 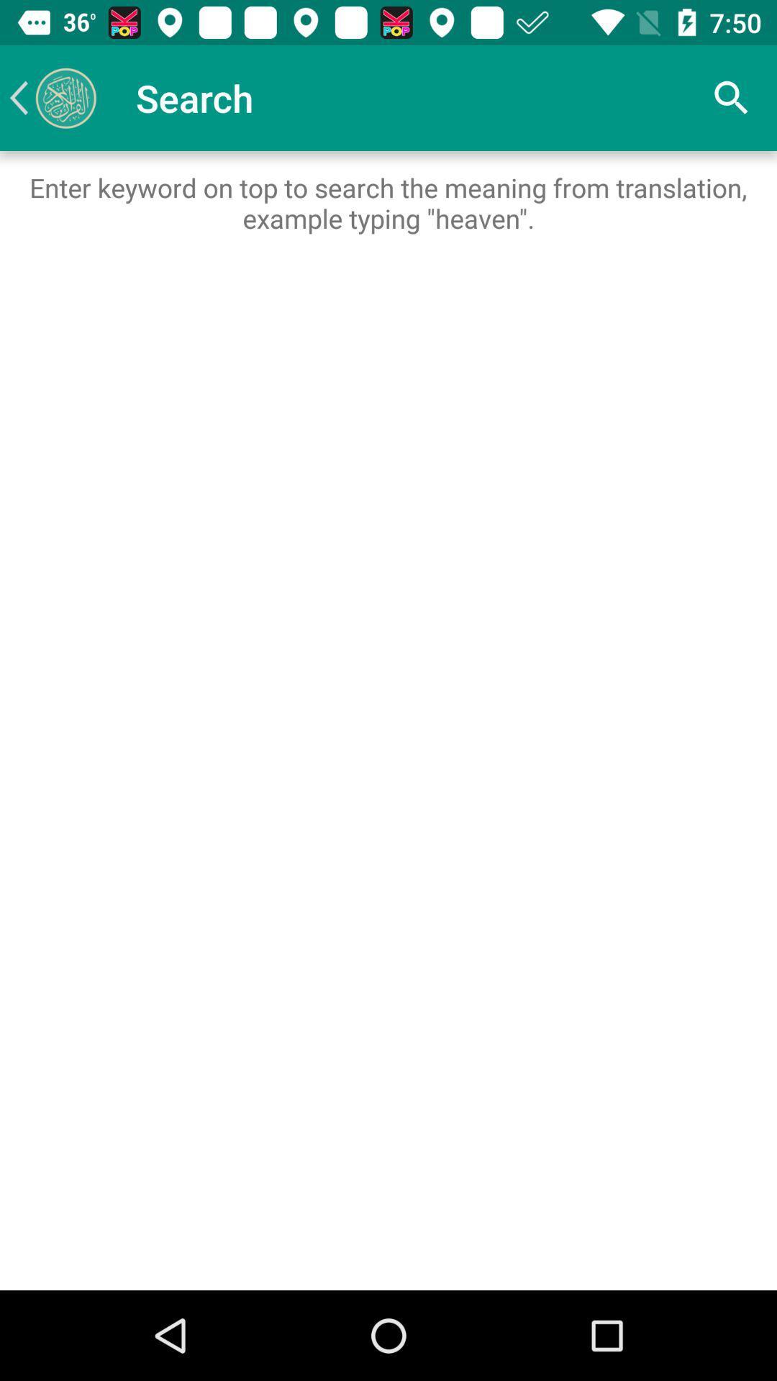 I want to click on icon to the left of search icon, so click(x=52, y=97).